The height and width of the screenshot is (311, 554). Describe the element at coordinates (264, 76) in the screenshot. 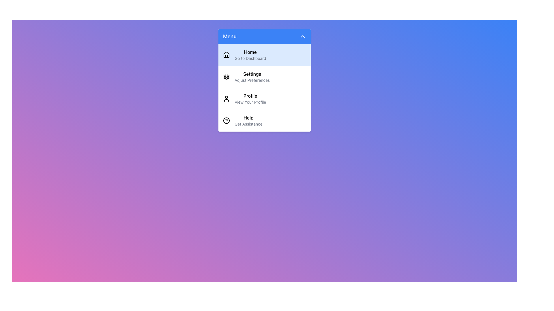

I see `the second item in the vertical menu list, which serves as a navigational link` at that location.